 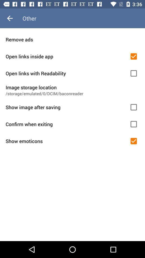 I want to click on the item above the storage emulated 0 item, so click(x=73, y=87).